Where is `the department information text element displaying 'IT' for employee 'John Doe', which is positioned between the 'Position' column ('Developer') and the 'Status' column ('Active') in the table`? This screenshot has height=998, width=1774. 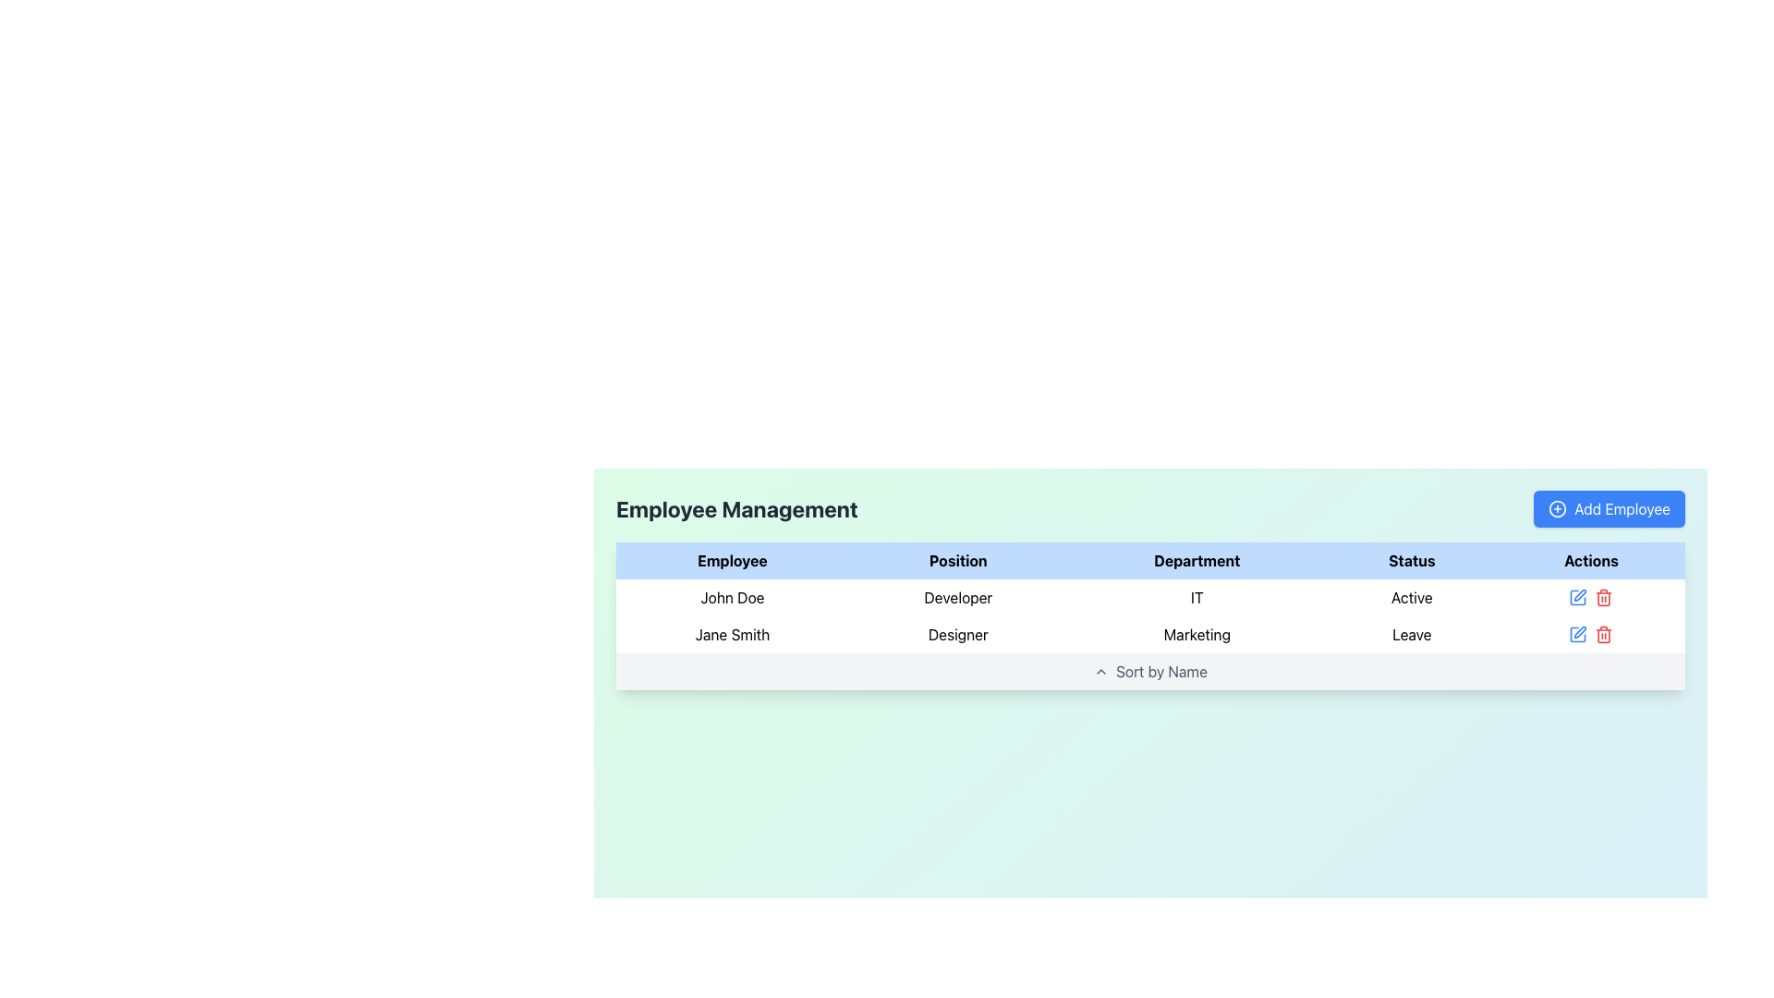
the department information text element displaying 'IT' for employee 'John Doe', which is positioned between the 'Position' column ('Developer') and the 'Status' column ('Active') in the table is located at coordinates (1197, 598).